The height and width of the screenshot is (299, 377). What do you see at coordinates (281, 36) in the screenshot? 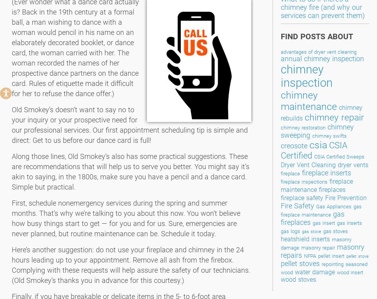
I see `'Find Posts About'` at bounding box center [281, 36].